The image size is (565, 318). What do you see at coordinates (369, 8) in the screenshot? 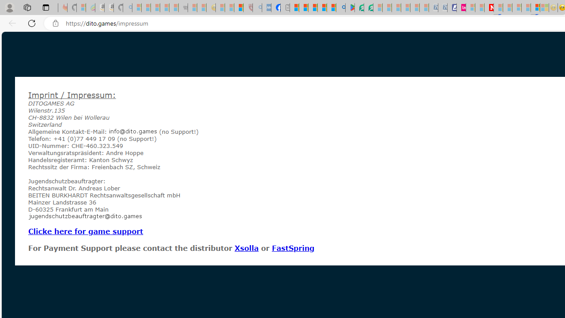
I see `'Microsoft Word - consumer-privacy address update 2.2021'` at bounding box center [369, 8].